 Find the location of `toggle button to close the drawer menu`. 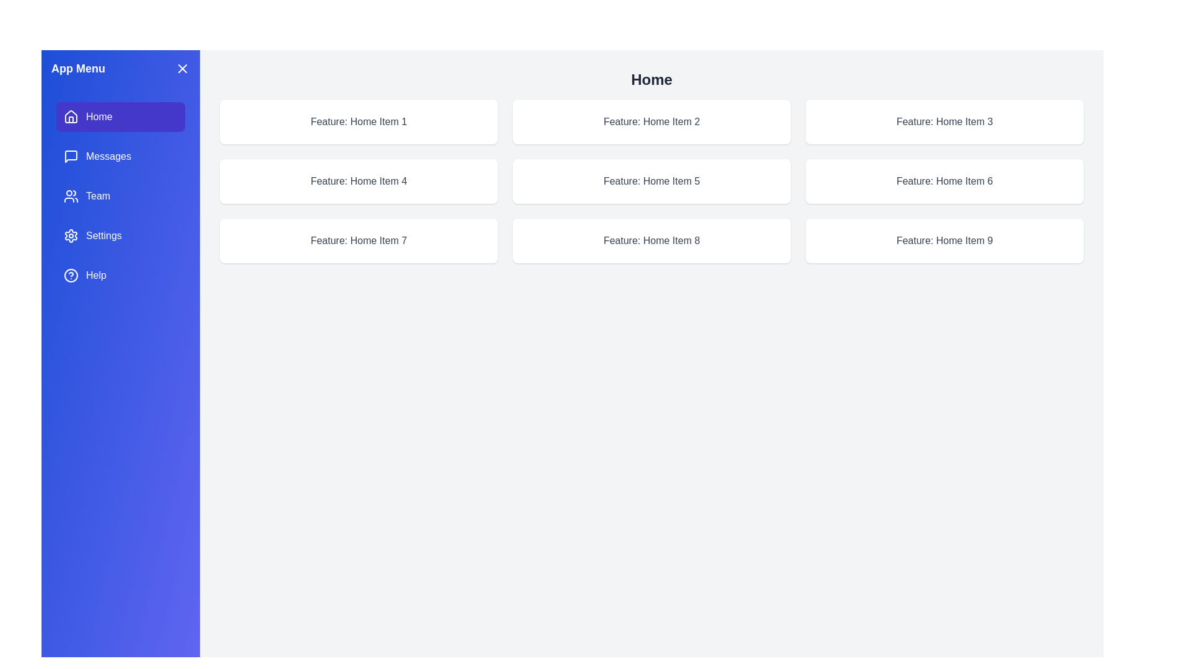

toggle button to close the drawer menu is located at coordinates (181, 69).